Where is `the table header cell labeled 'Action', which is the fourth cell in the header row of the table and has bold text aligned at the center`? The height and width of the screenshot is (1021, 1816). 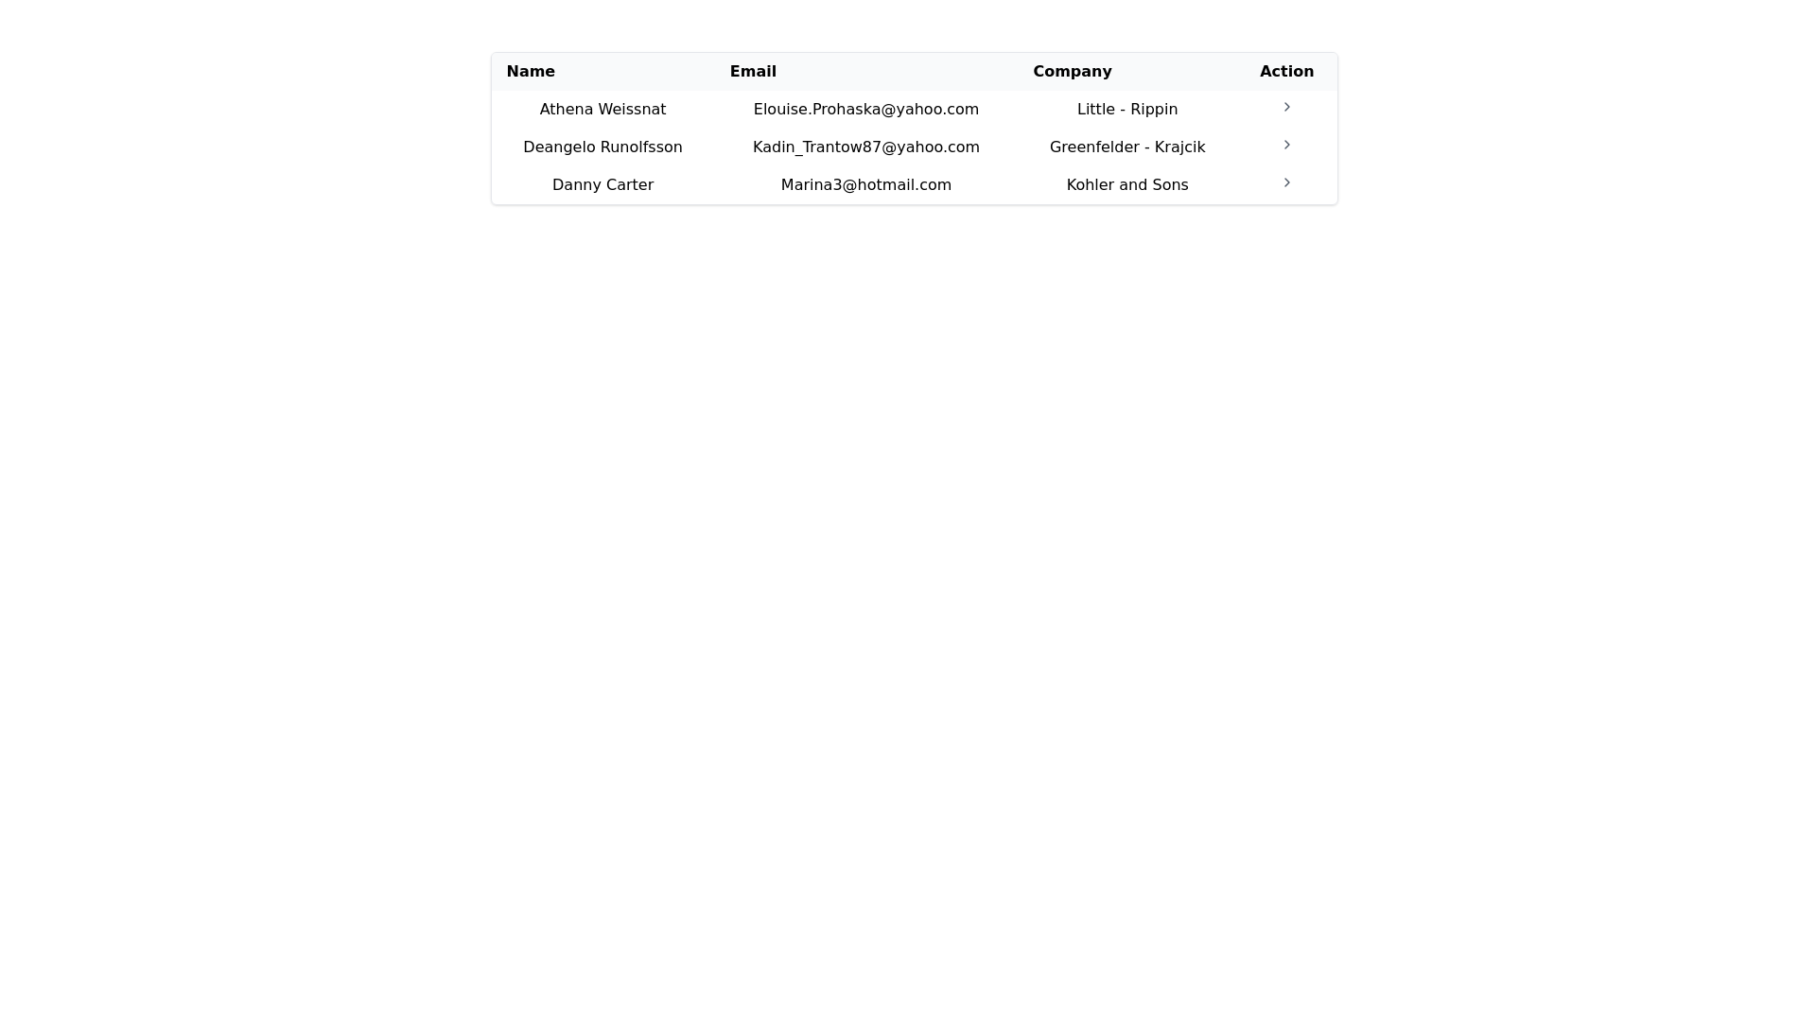 the table header cell labeled 'Action', which is the fourth cell in the header row of the table and has bold text aligned at the center is located at coordinates (1286, 71).